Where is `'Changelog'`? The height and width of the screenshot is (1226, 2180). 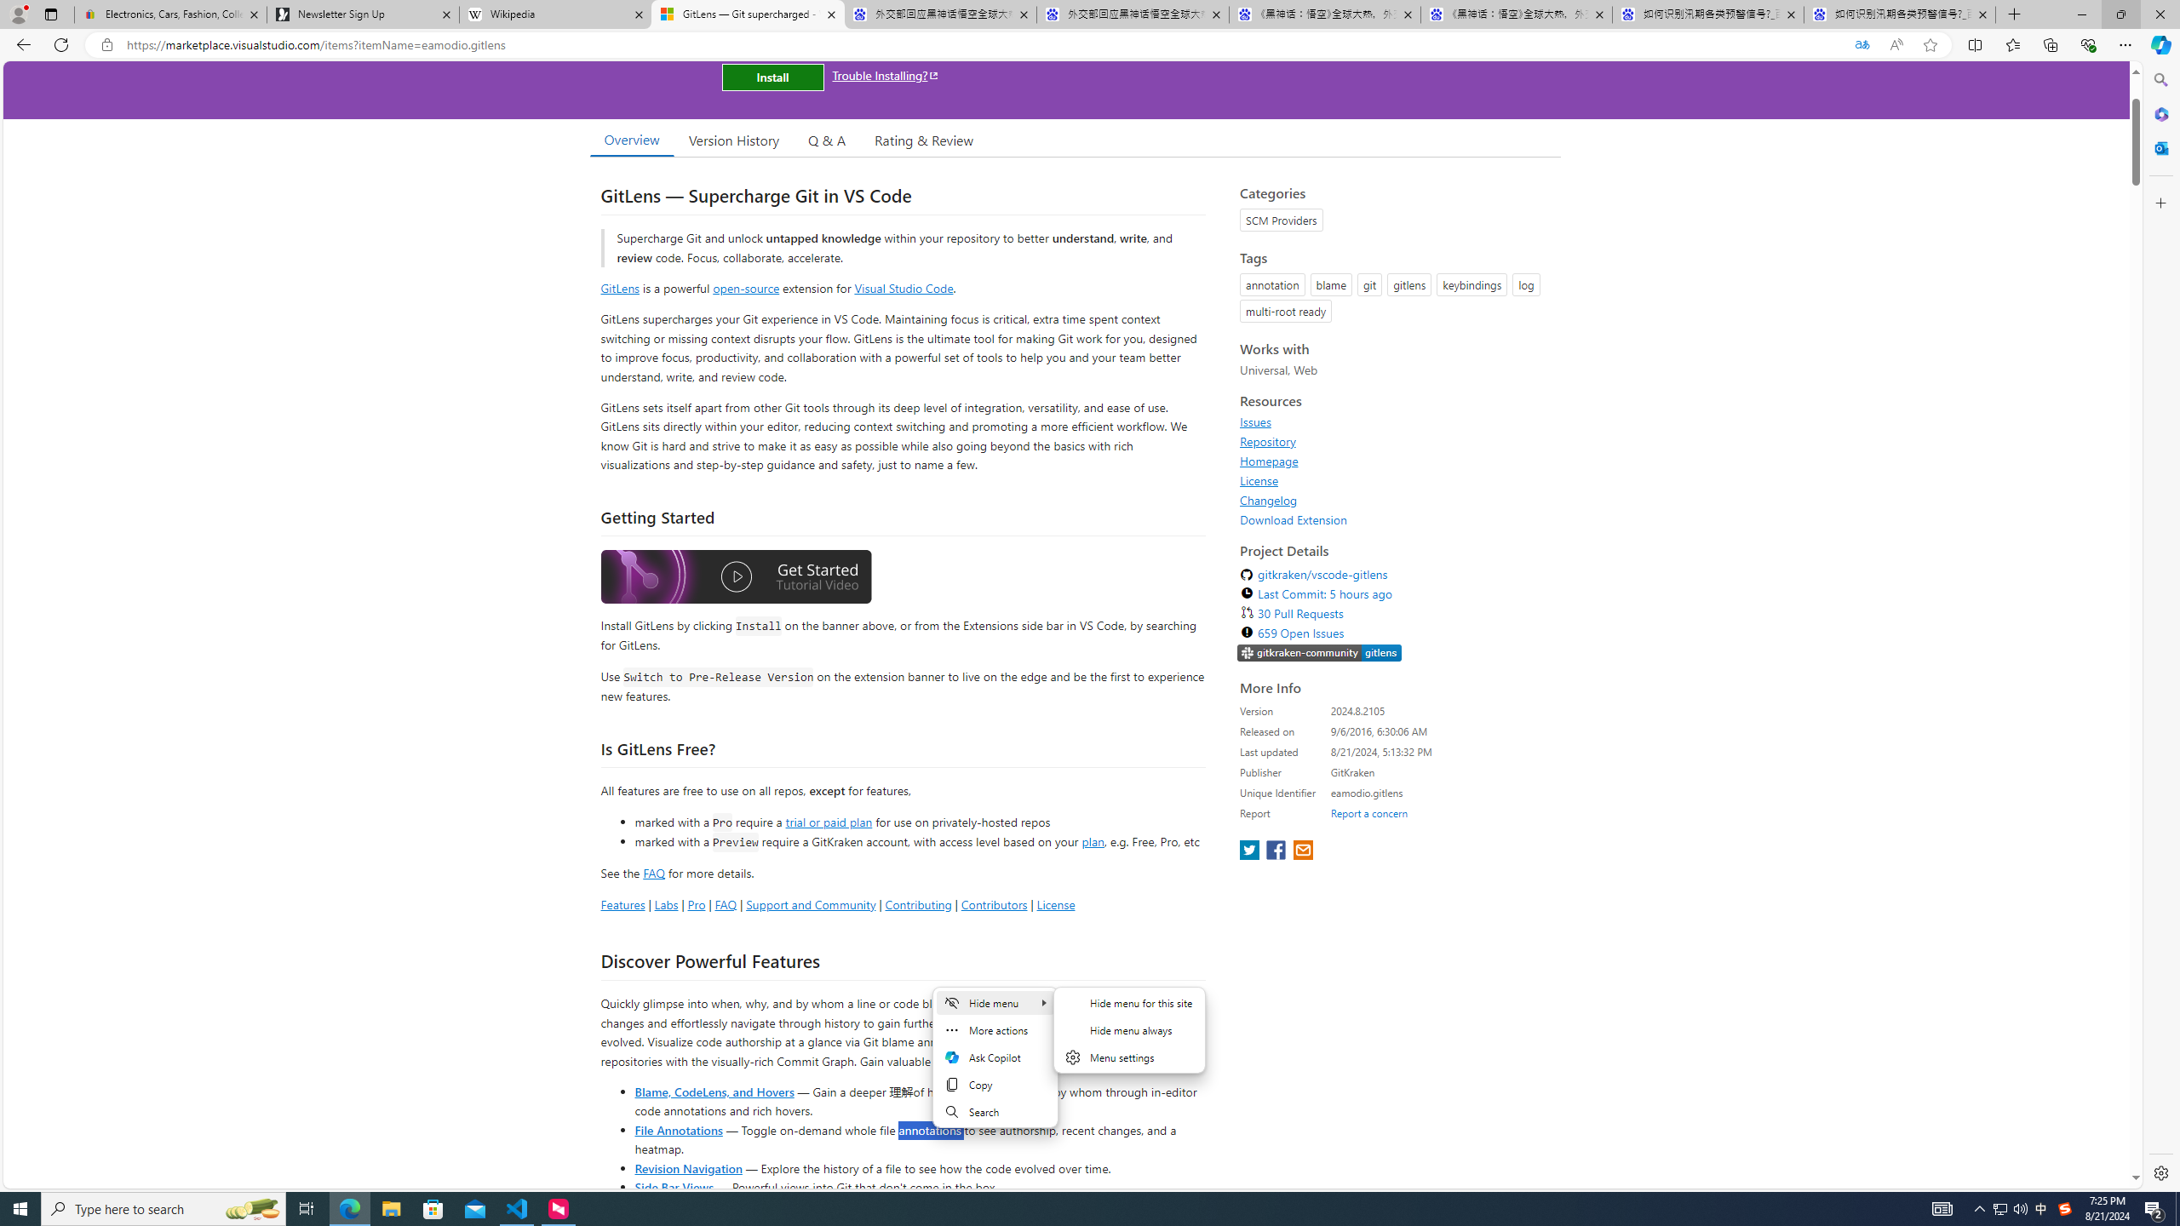
'Changelog' is located at coordinates (1267, 499).